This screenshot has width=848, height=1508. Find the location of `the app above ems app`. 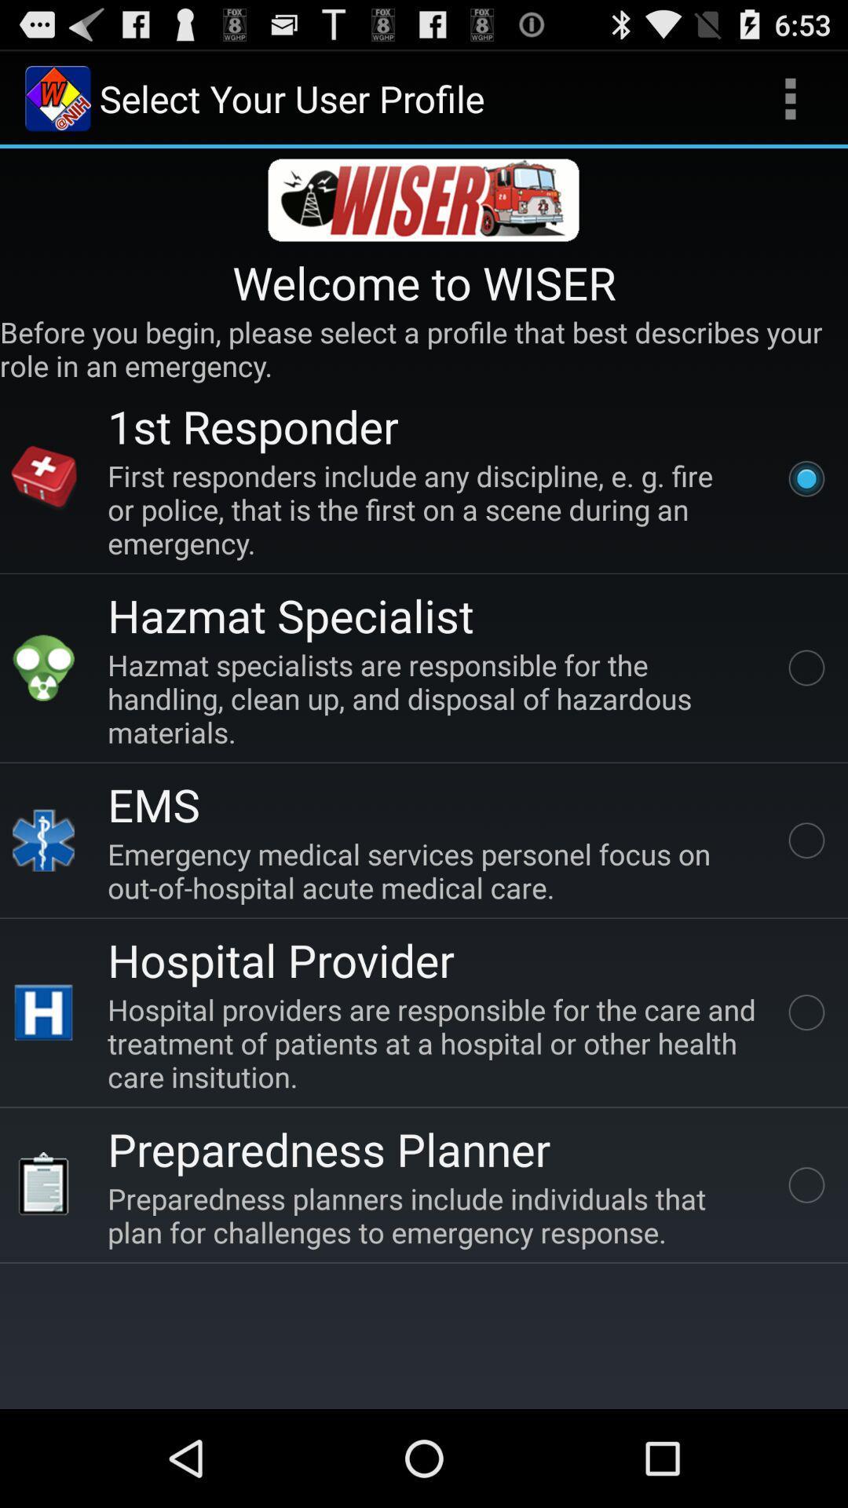

the app above ems app is located at coordinates (435, 697).